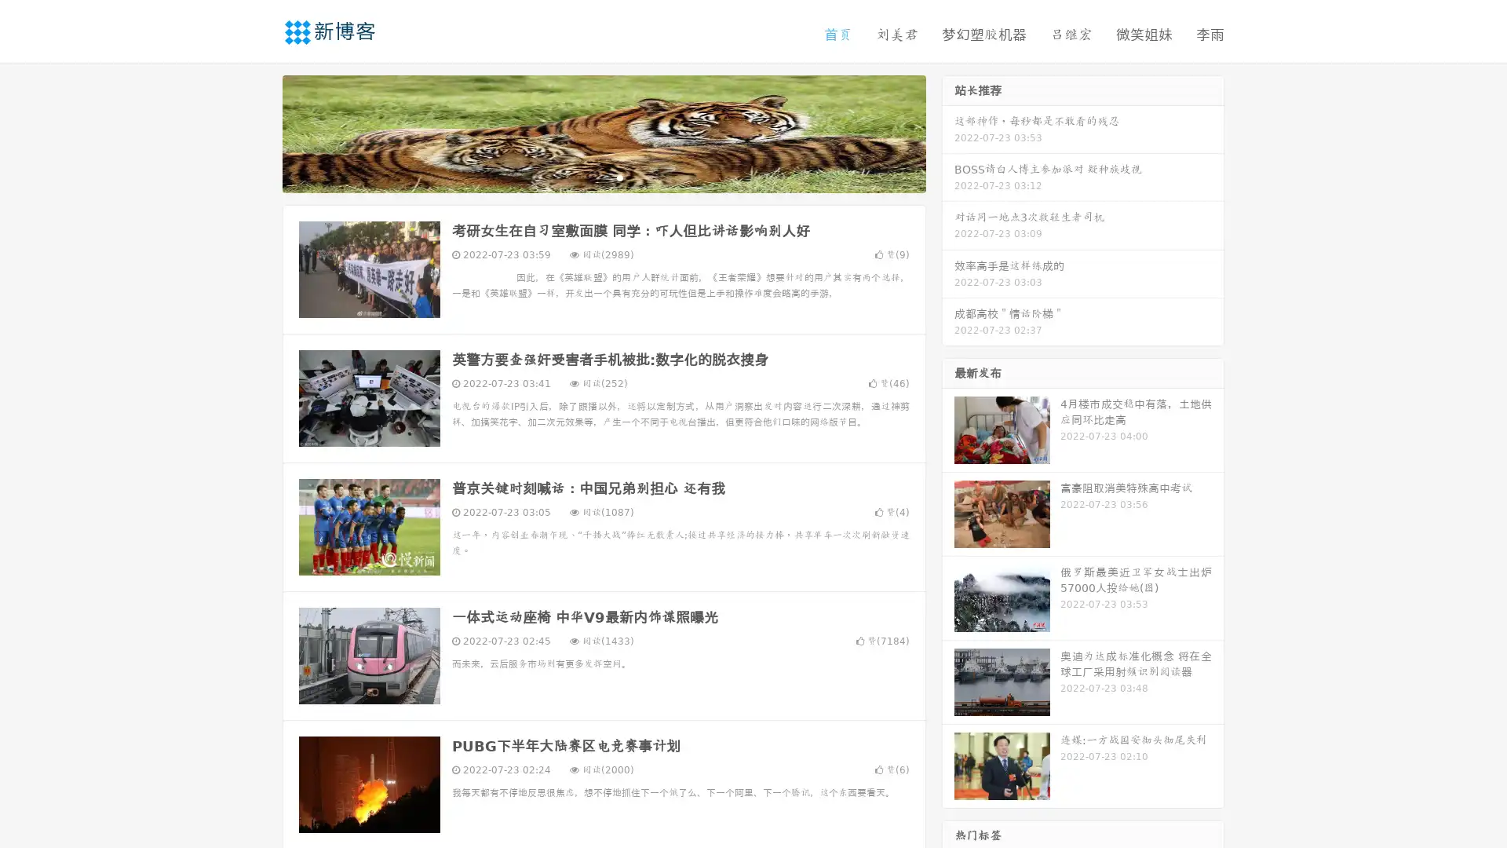 The width and height of the screenshot is (1507, 848). Describe the element at coordinates (948, 132) in the screenshot. I see `Next slide` at that location.